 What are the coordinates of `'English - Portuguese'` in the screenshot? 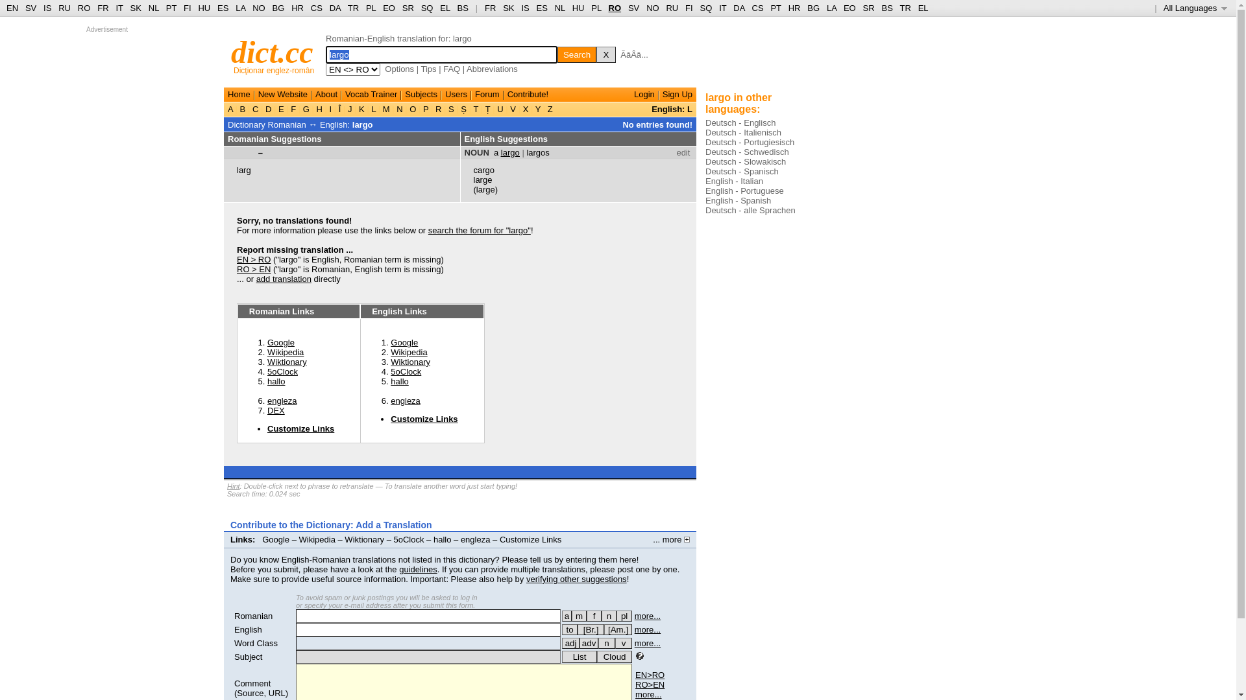 It's located at (744, 191).